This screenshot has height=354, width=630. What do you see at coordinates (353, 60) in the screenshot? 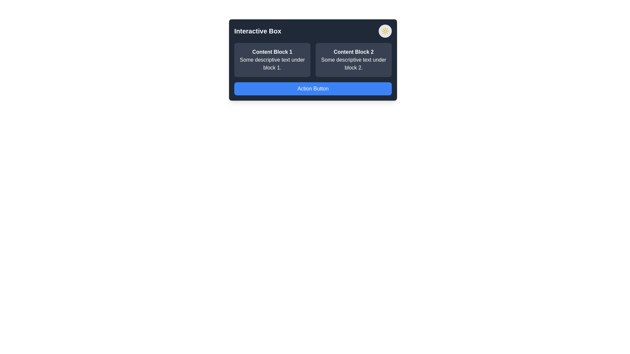
I see `information displayed in the second content card, which presents a title and supporting descriptive text, positioned to the right of Content Block 1` at bounding box center [353, 60].